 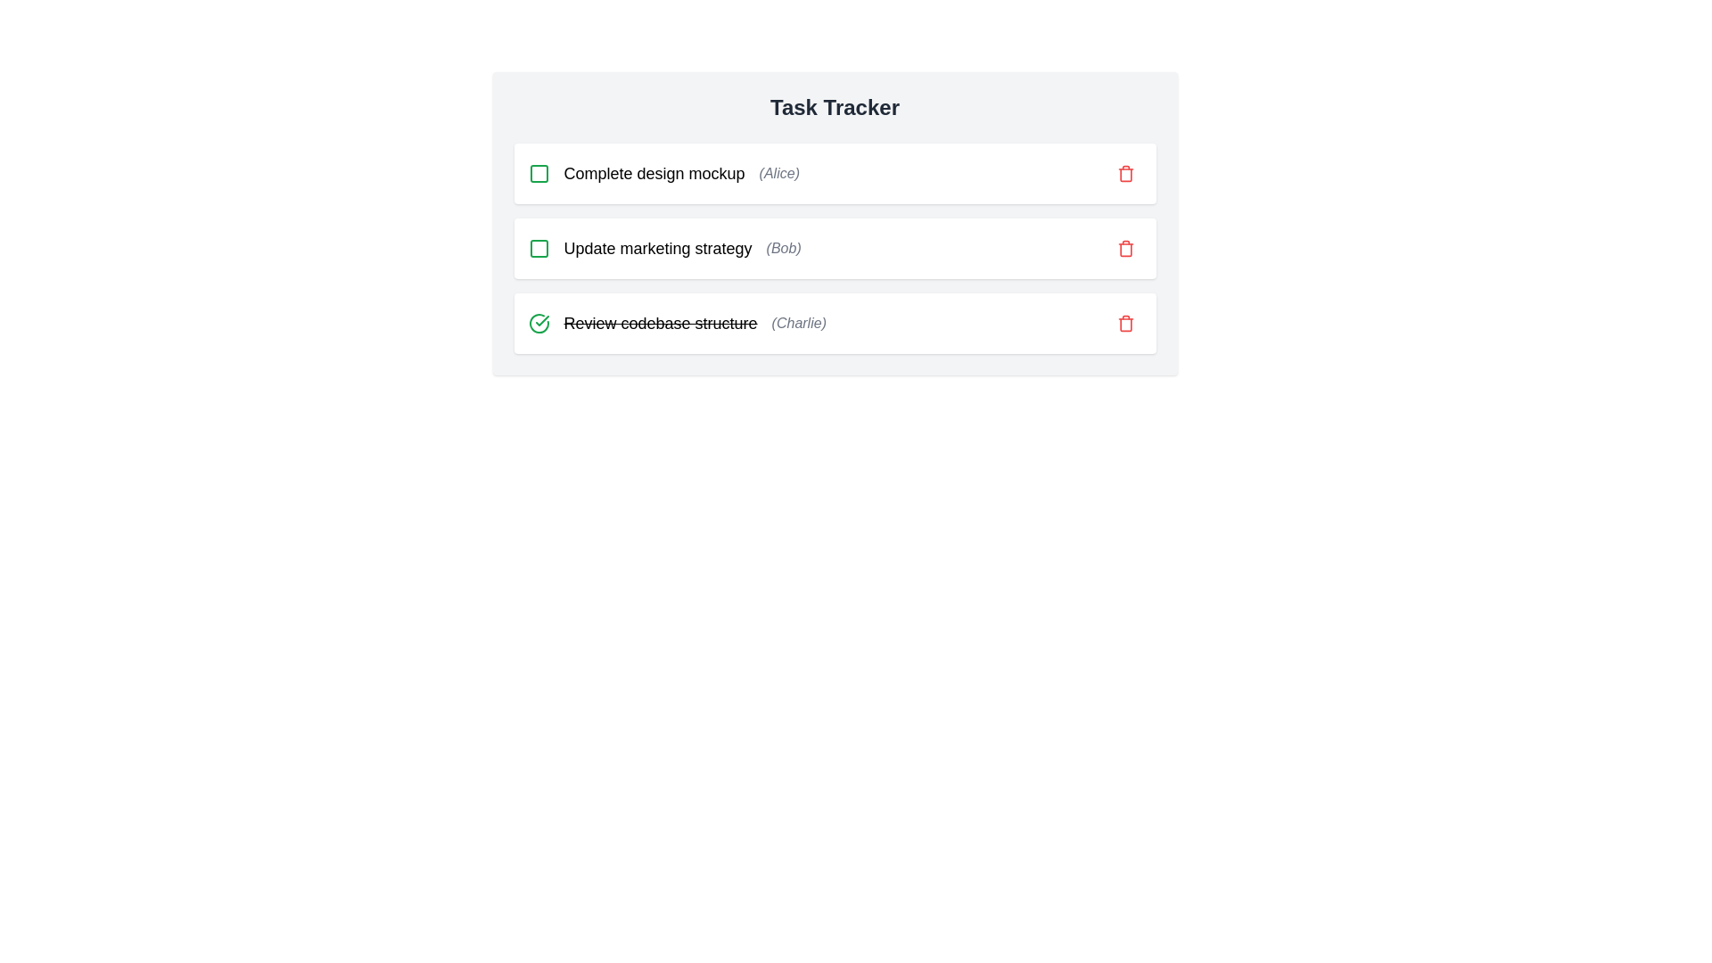 What do you see at coordinates (1124, 248) in the screenshot?
I see `the delete icon for the task identified by Update marketing strategy` at bounding box center [1124, 248].